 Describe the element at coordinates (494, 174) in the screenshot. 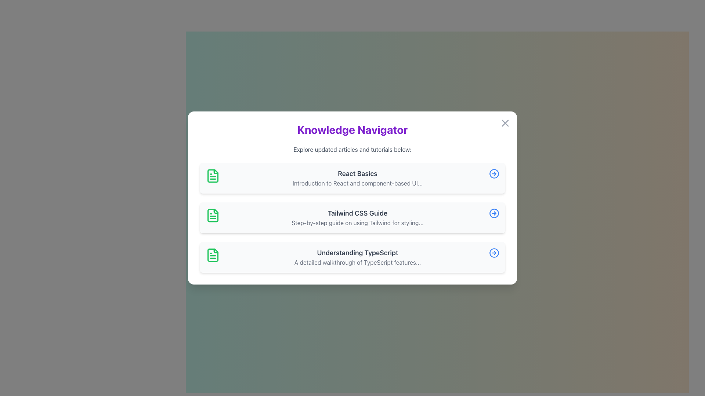

I see `the navigation IconButton located to the right of the 'React Basics' entry` at that location.